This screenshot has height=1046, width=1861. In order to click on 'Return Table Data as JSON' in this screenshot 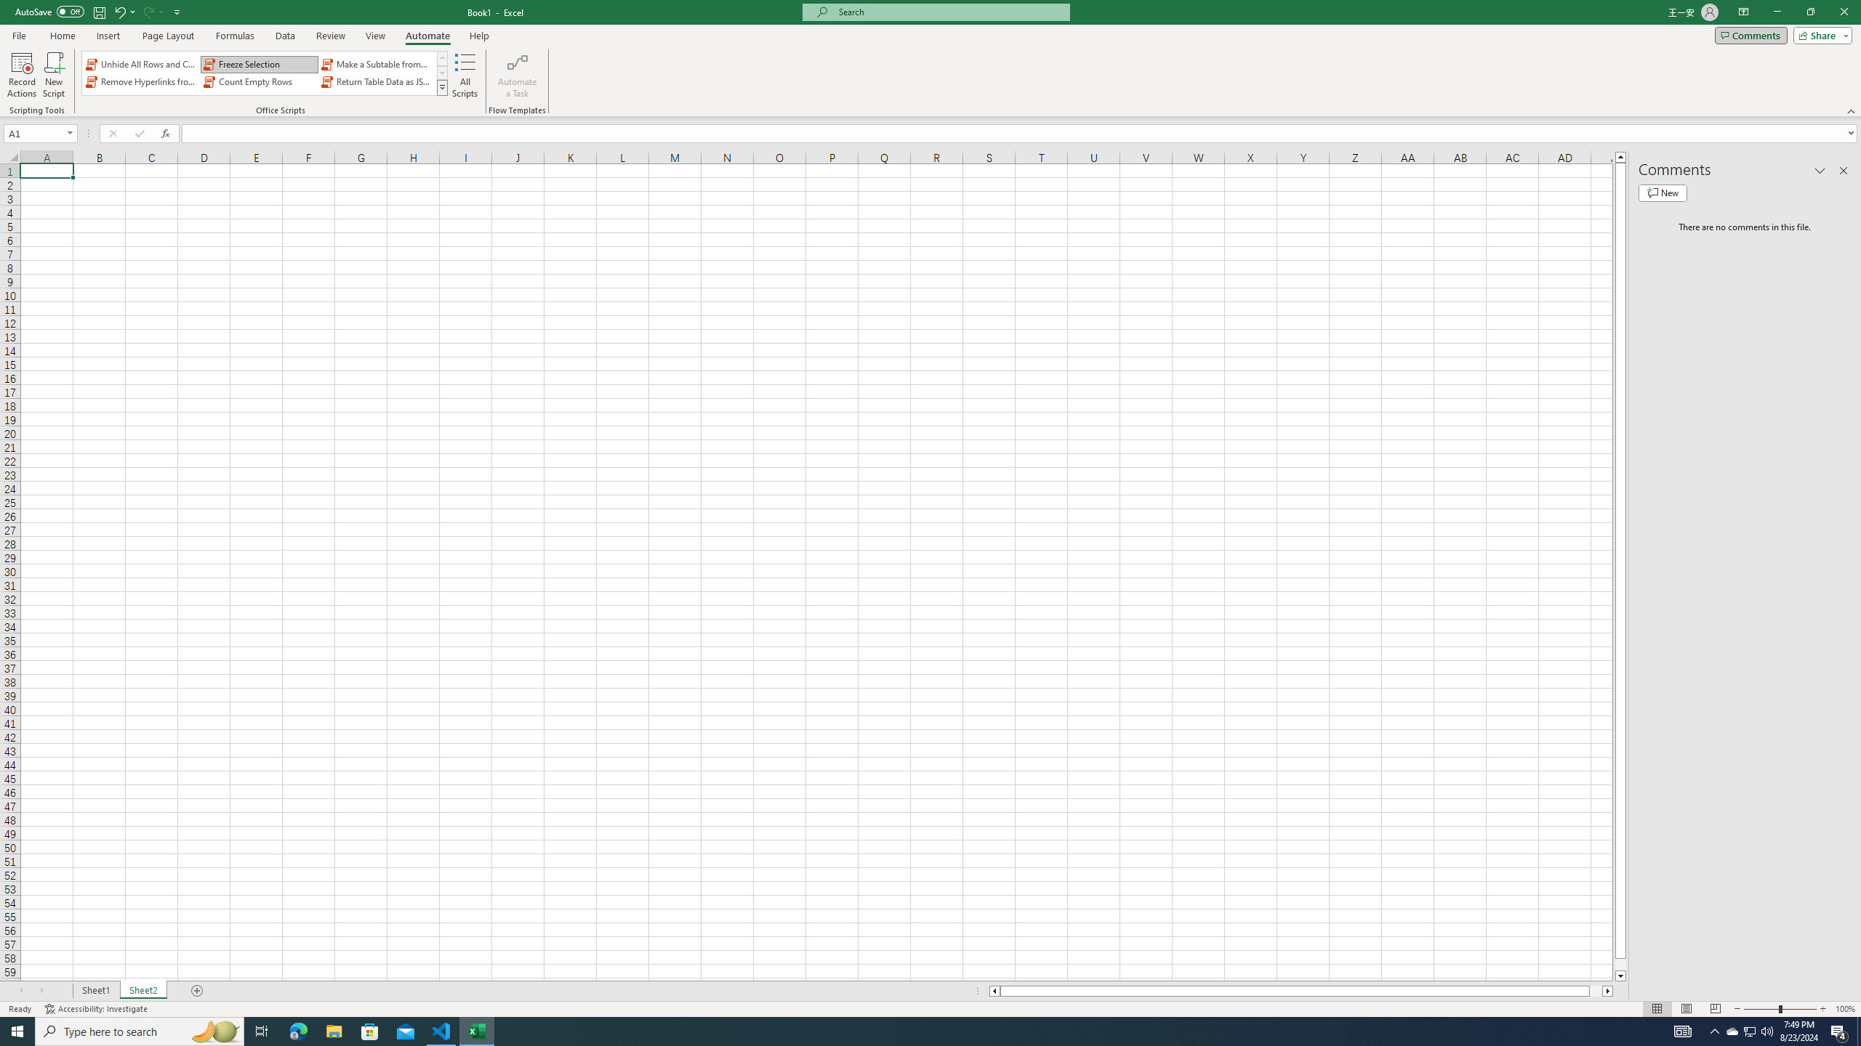, I will do `click(376, 81)`.